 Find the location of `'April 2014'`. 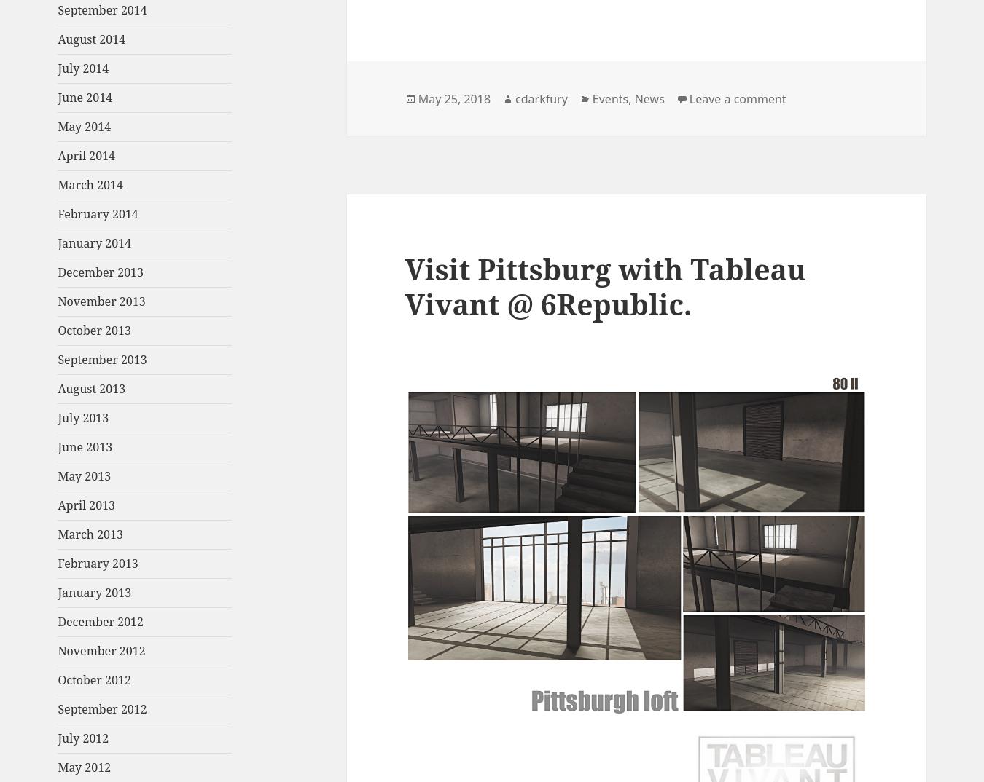

'April 2014' is located at coordinates (56, 156).